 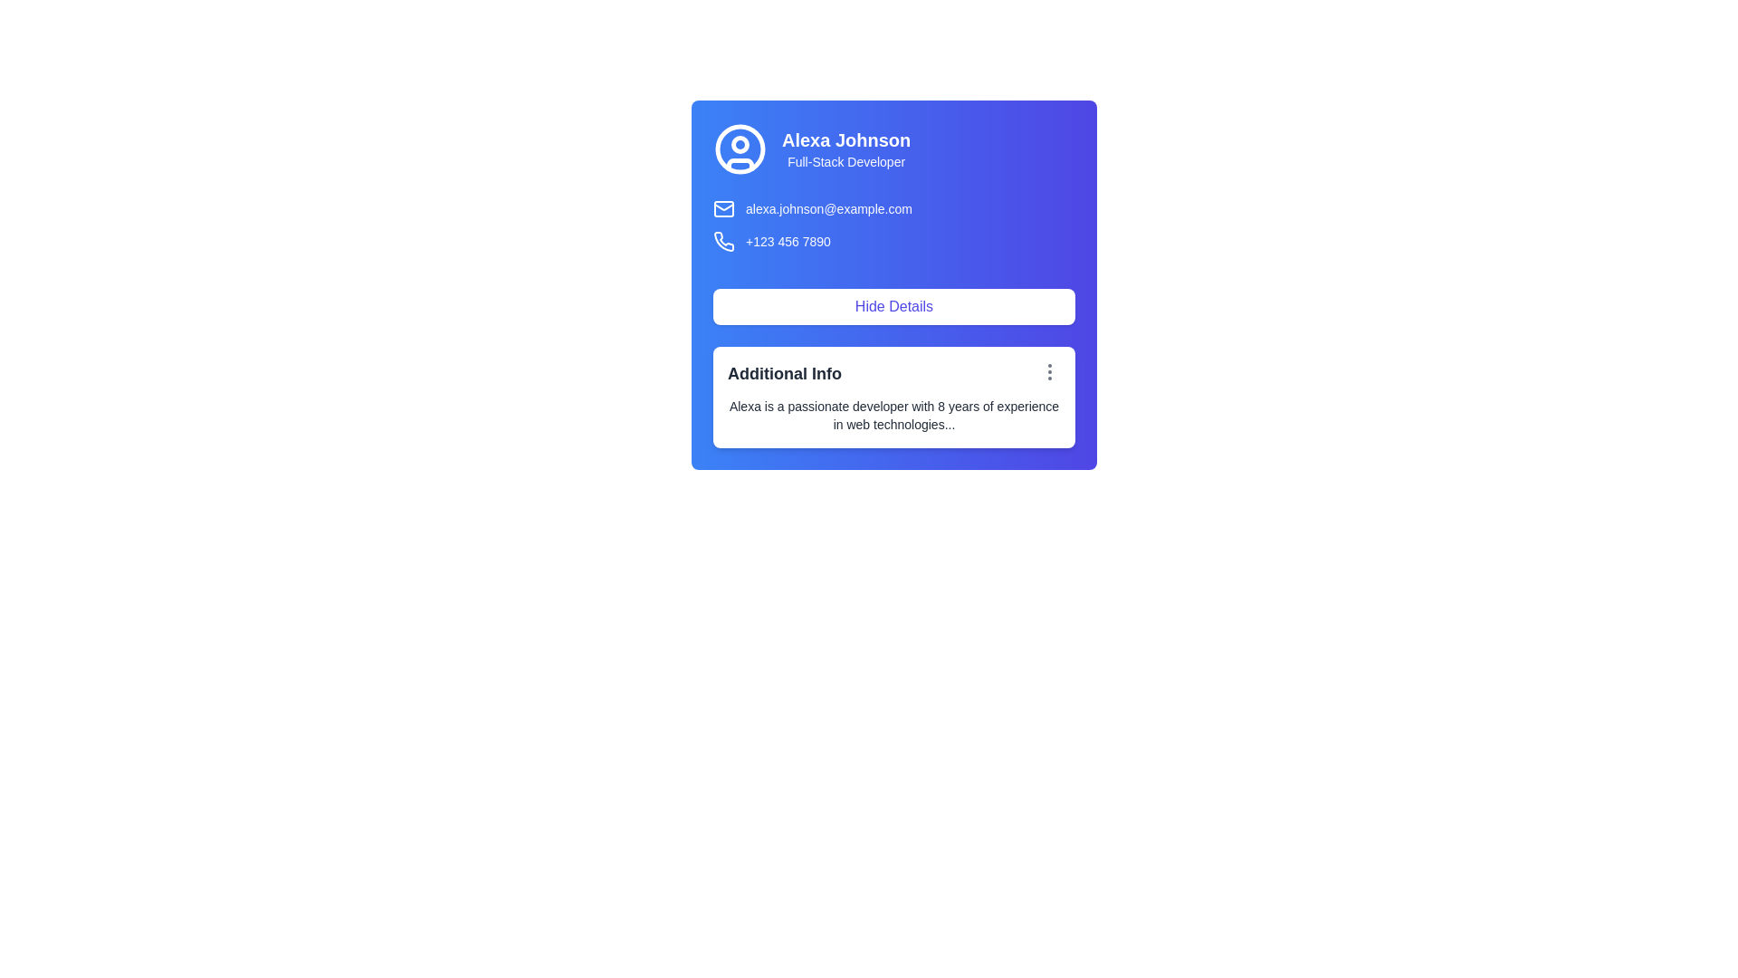 What do you see at coordinates (740, 149) in the screenshot?
I see `the visual decorative element that serves as a placeholder for a profile icon or avatar, located in the top-left portion of the profile card, above the user's name and title` at bounding box center [740, 149].